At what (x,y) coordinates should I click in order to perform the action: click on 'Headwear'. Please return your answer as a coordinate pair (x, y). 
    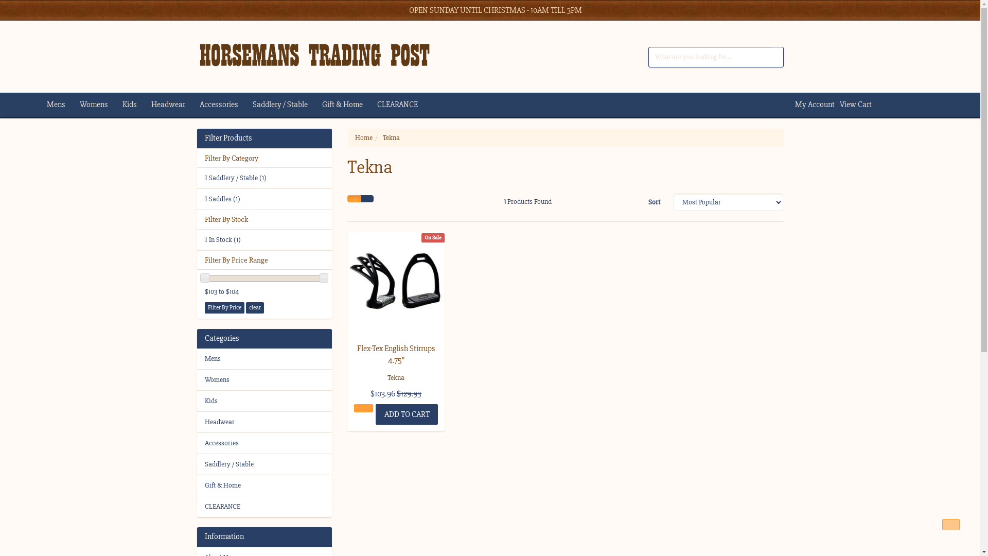
    Looking at the image, I should click on (150, 105).